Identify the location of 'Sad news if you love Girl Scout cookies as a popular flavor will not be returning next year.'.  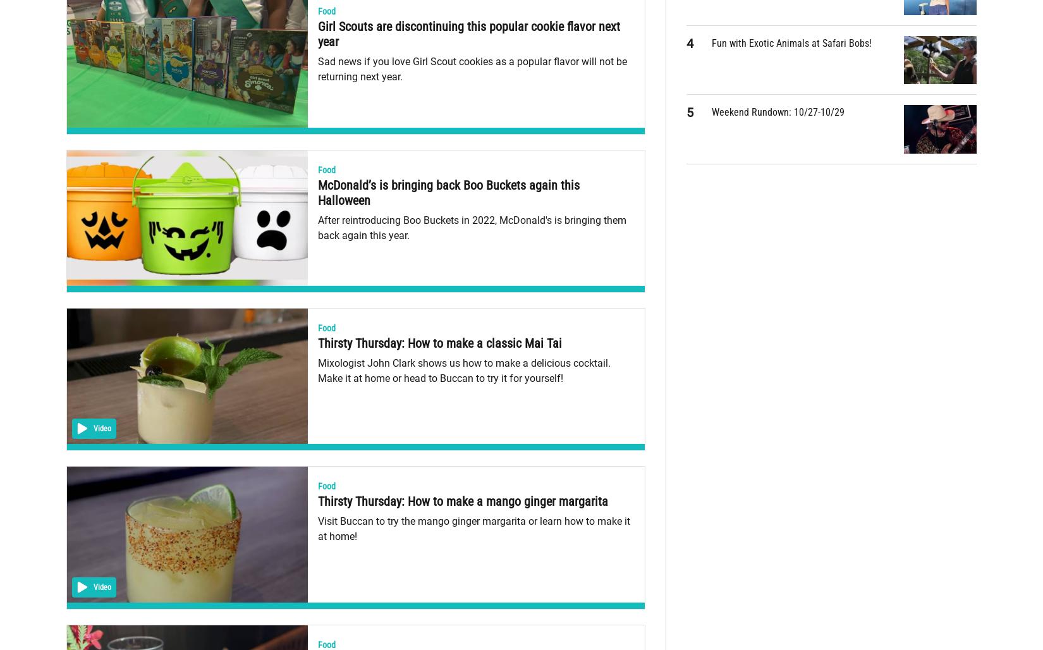
(471, 68).